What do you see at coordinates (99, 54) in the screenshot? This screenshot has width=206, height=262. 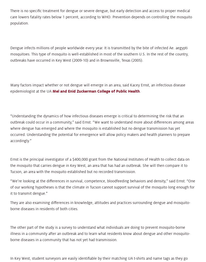 I see `'Dengue infects millions of people worldwide every year. It is transmitted by the bite of infected Ae. aegypti mosquitoes. This type of mosquito is well-established in most of the southern U.S. In the rest of the country, outbreaks have occurred in Key West (2009-10) and in Brownsville, Texas (2005).'` at bounding box center [99, 54].